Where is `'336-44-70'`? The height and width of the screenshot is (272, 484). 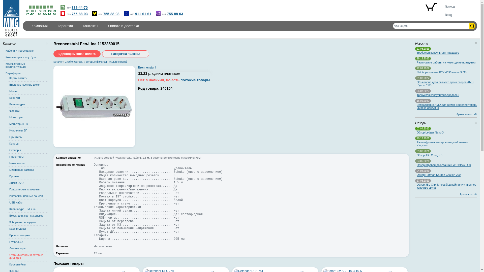
'336-44-70' is located at coordinates (79, 8).